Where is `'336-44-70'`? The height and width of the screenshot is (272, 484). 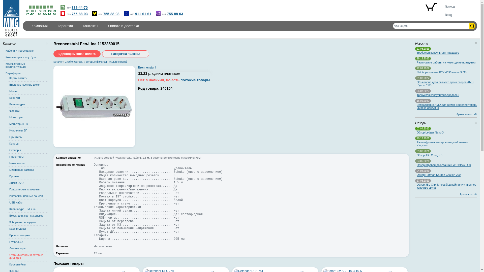
'336-44-70' is located at coordinates (79, 8).